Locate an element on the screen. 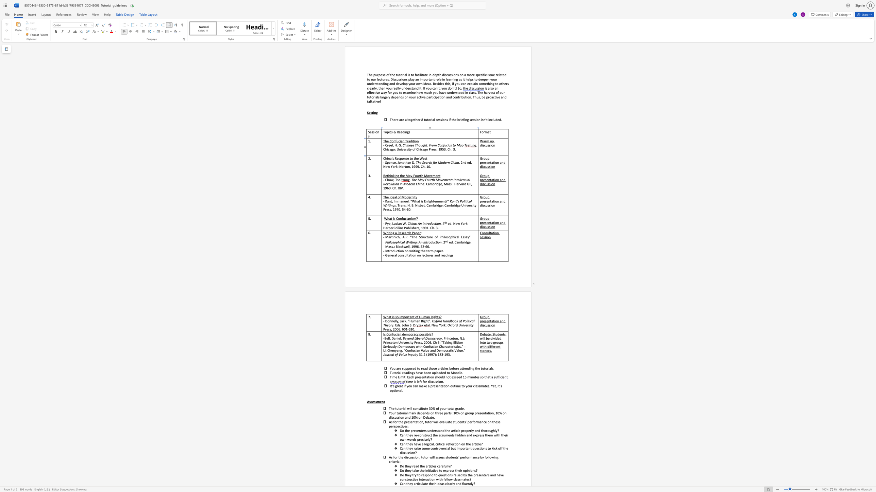  the 1th character "e" in the text is located at coordinates (389, 162).